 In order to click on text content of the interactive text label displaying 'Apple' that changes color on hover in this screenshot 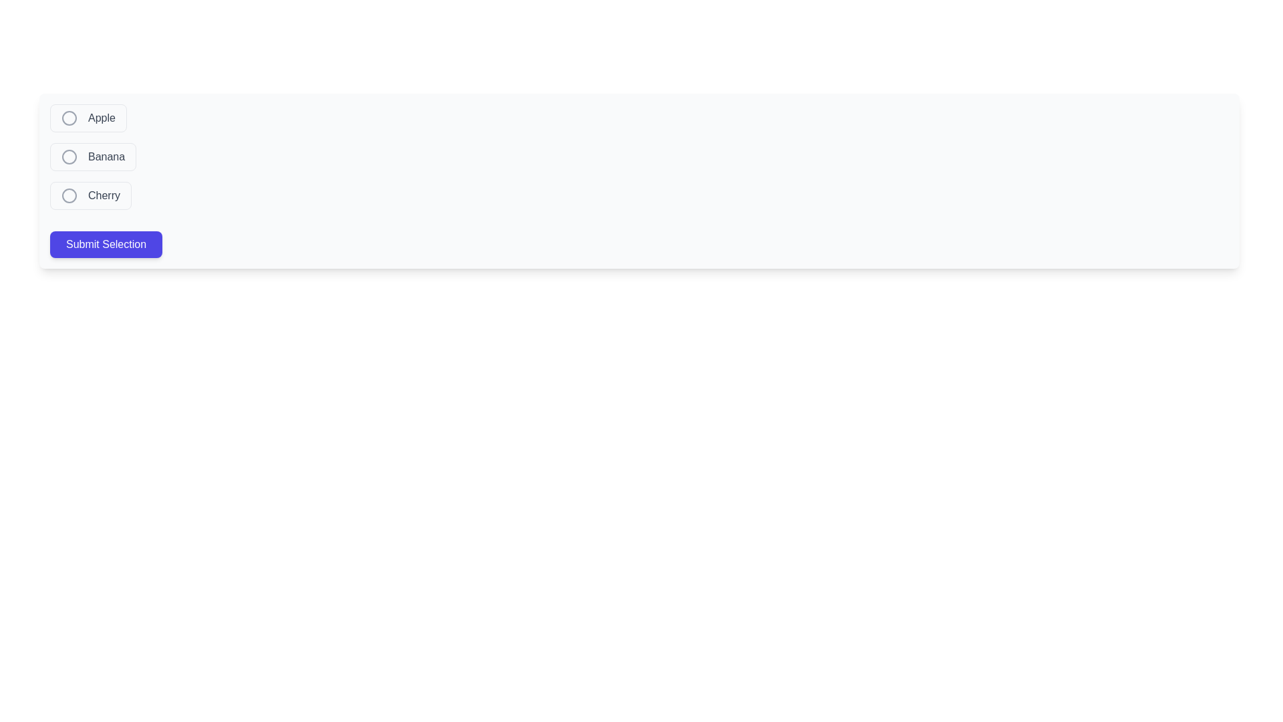, I will do `click(101, 118)`.